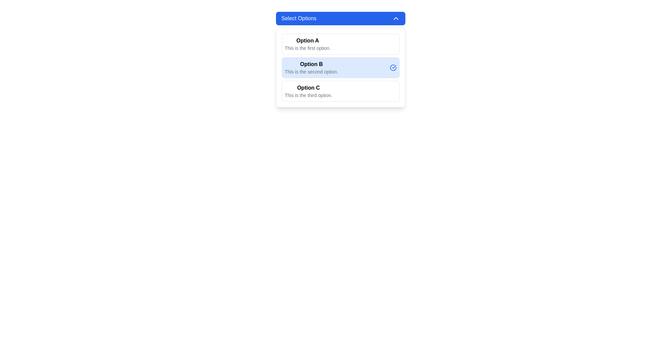 The width and height of the screenshot is (647, 364). I want to click on the second selectable option titled 'Option B' with a description 'This is the second option' located in the light blue background under the 'Select Options' section, so click(311, 67).